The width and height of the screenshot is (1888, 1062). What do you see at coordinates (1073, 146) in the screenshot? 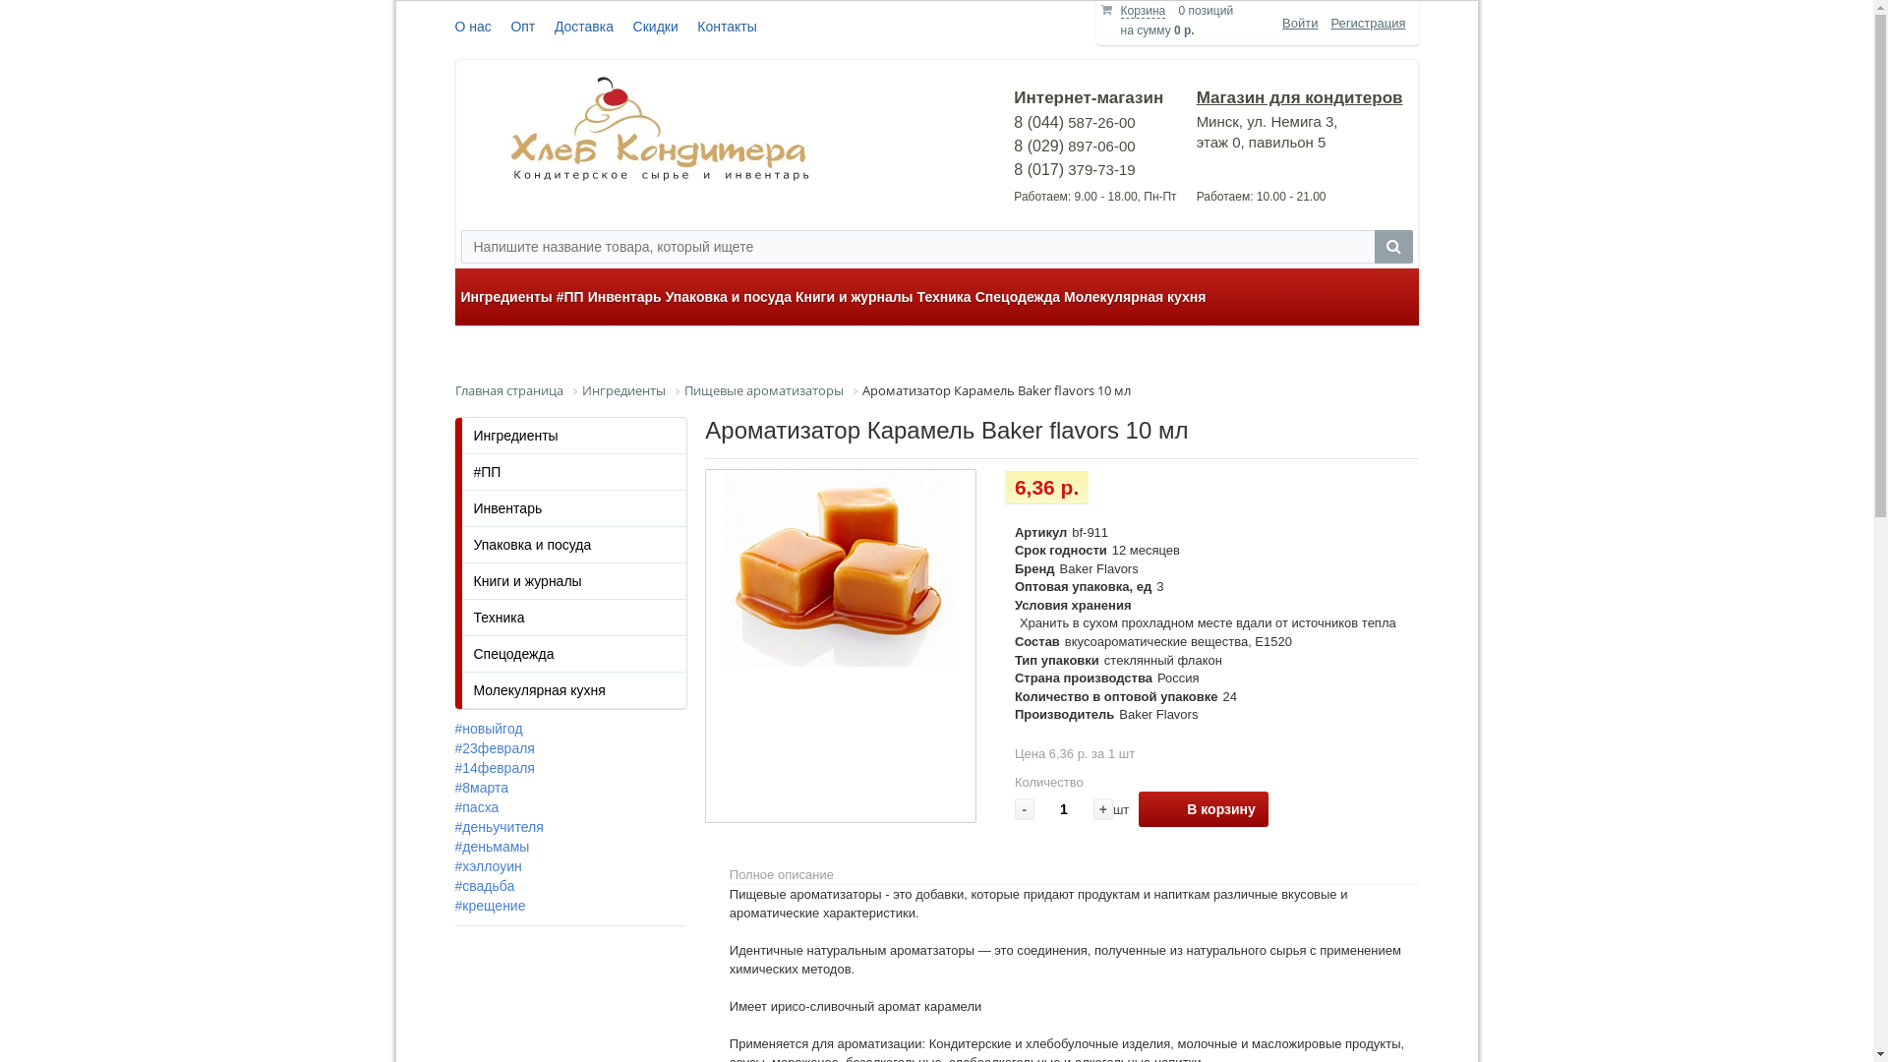
I see `'8 (044) 587-26-00` at bounding box center [1073, 146].